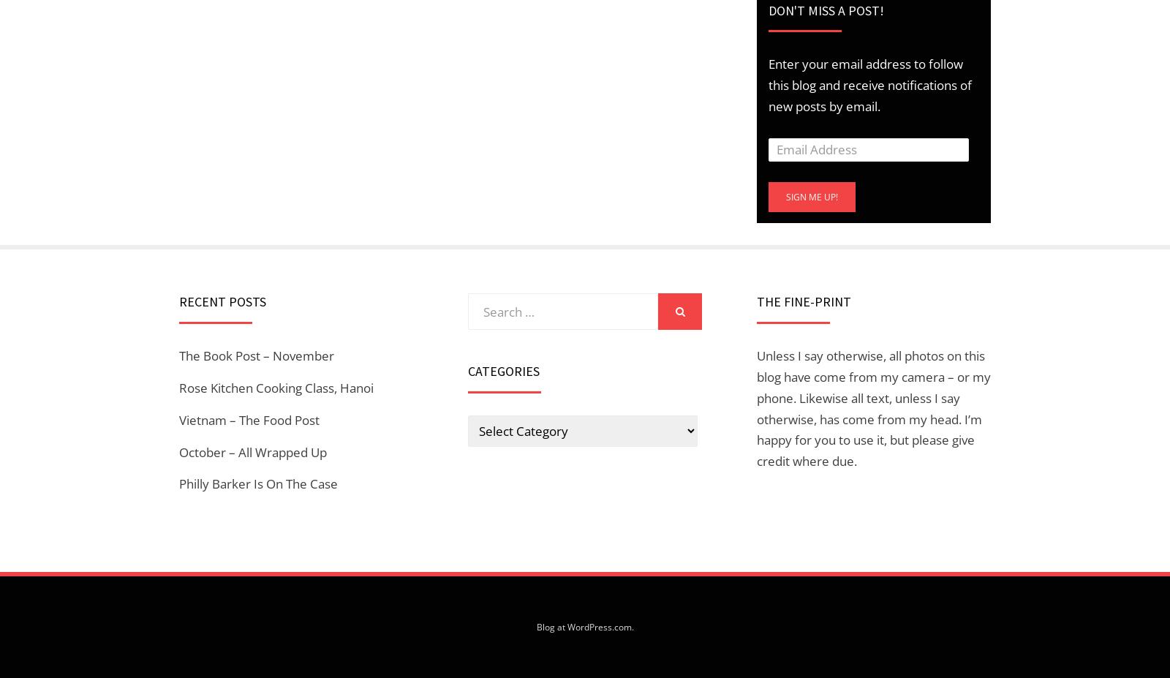 This screenshot has height=678, width=1170. What do you see at coordinates (249, 419) in the screenshot?
I see `'Vietnam – The Food Post'` at bounding box center [249, 419].